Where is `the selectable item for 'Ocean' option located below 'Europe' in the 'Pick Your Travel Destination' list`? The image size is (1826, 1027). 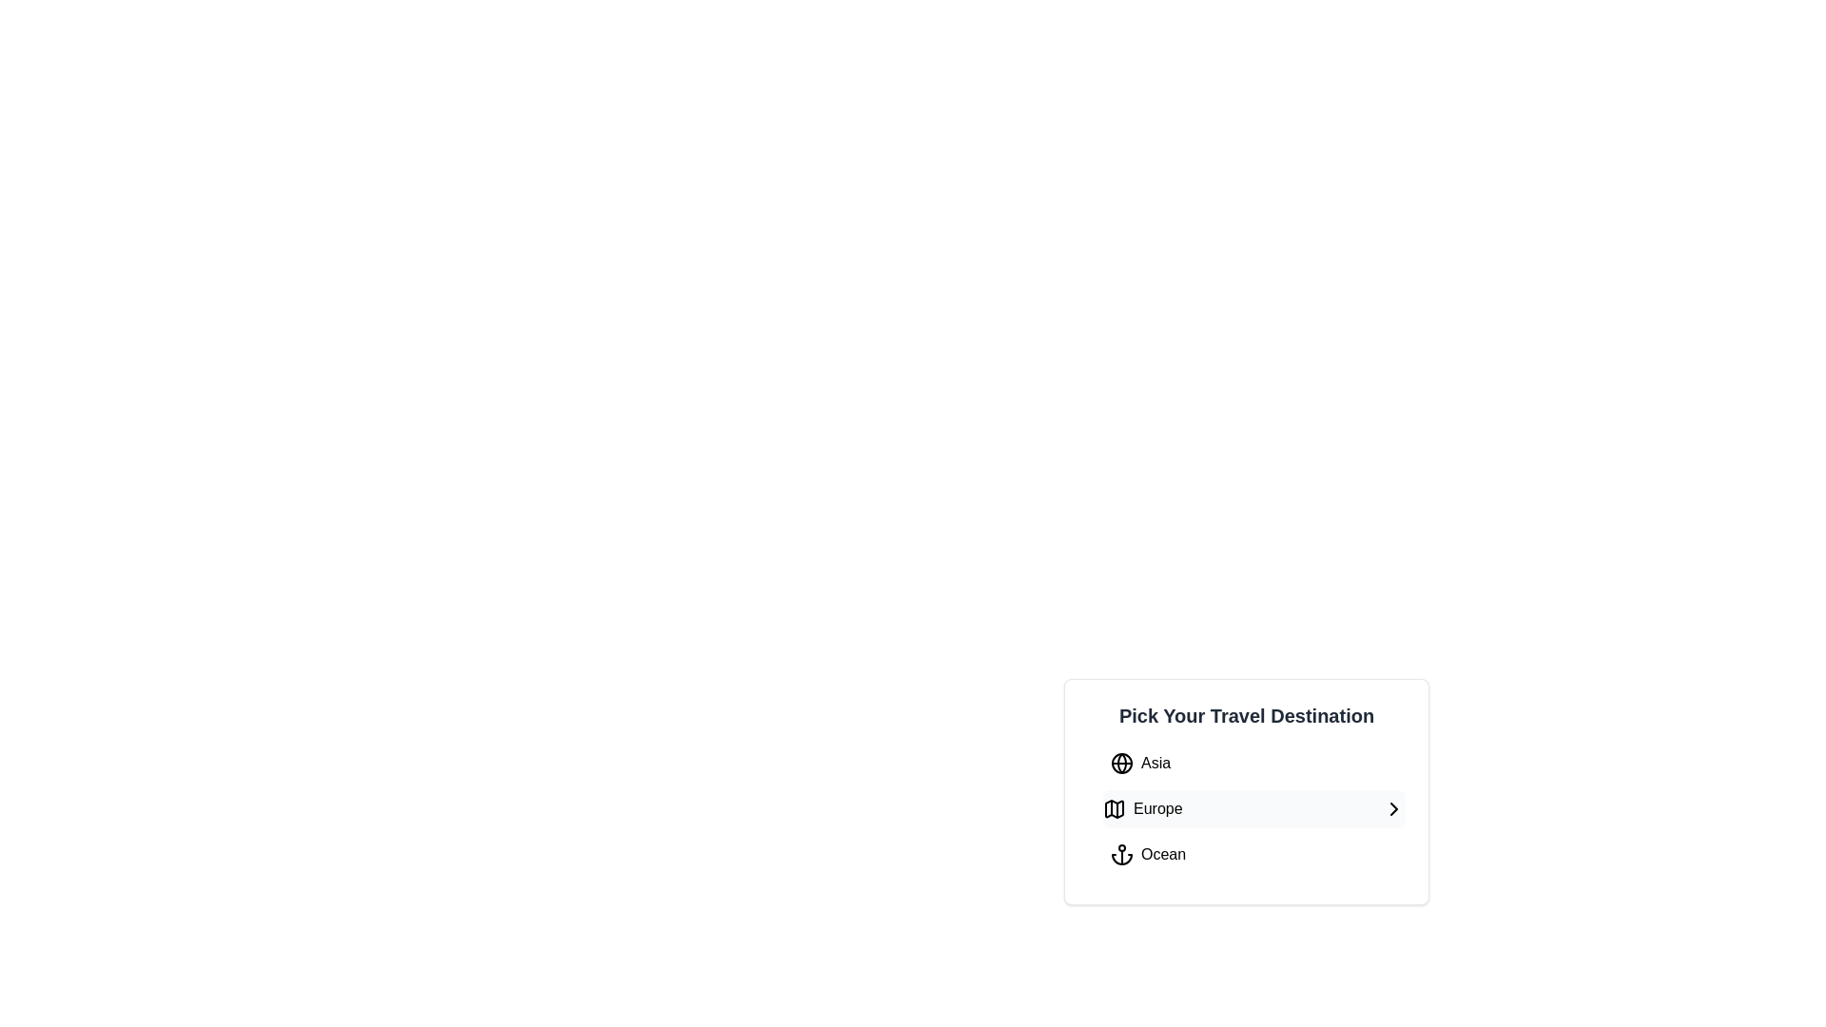 the selectable item for 'Ocean' option located below 'Europe' in the 'Pick Your Travel Destination' list is located at coordinates (1254, 853).